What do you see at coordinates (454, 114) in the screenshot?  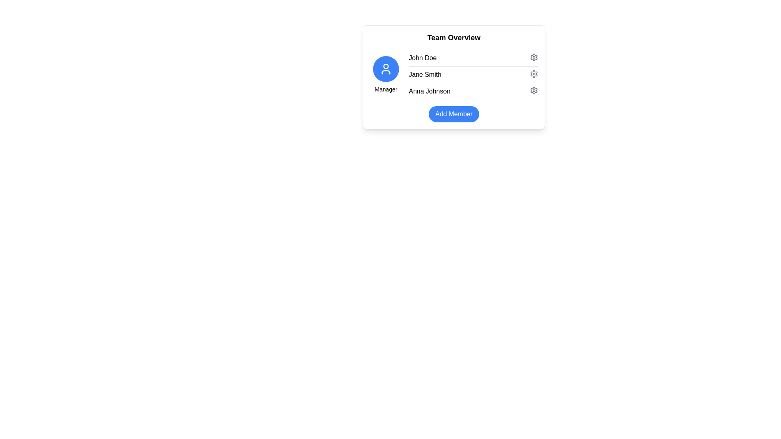 I see `the rounded rectangular button with a blue background labeled 'Add Member'` at bounding box center [454, 114].